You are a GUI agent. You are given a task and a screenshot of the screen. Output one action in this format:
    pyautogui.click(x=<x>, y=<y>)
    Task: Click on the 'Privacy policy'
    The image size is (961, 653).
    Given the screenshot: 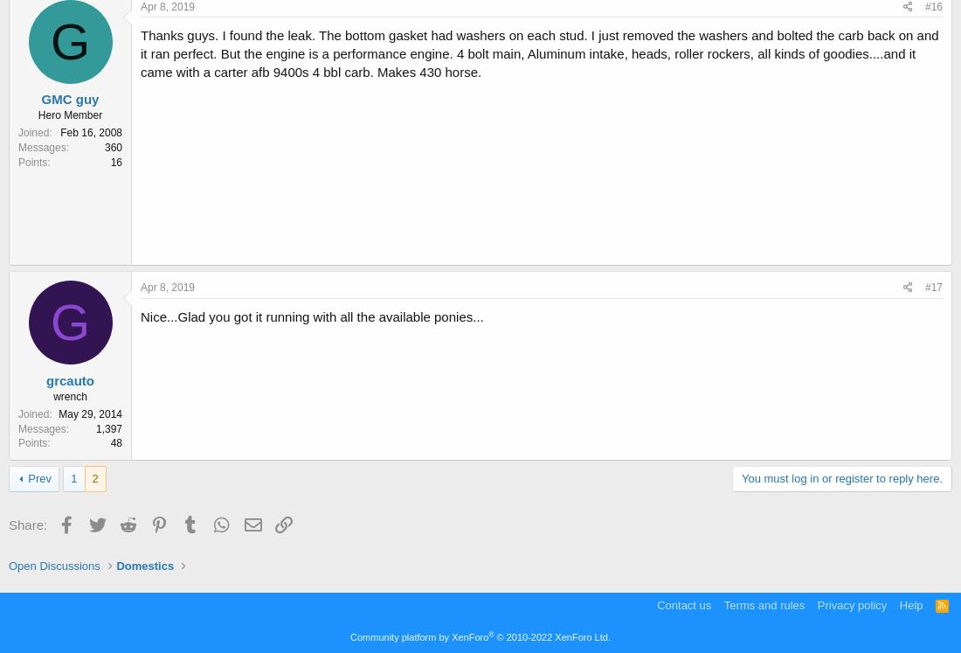 What is the action you would take?
    pyautogui.click(x=851, y=604)
    